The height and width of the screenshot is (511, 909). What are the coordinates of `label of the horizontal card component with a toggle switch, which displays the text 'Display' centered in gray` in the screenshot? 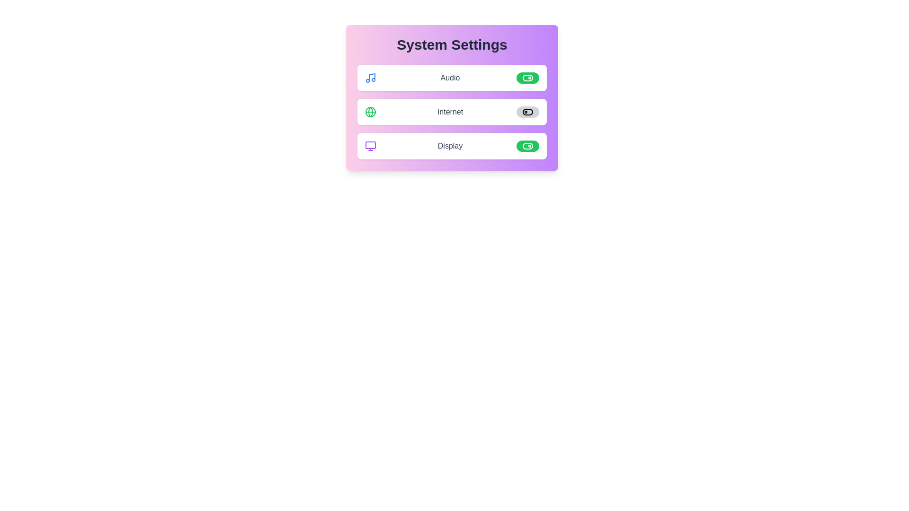 It's located at (452, 146).